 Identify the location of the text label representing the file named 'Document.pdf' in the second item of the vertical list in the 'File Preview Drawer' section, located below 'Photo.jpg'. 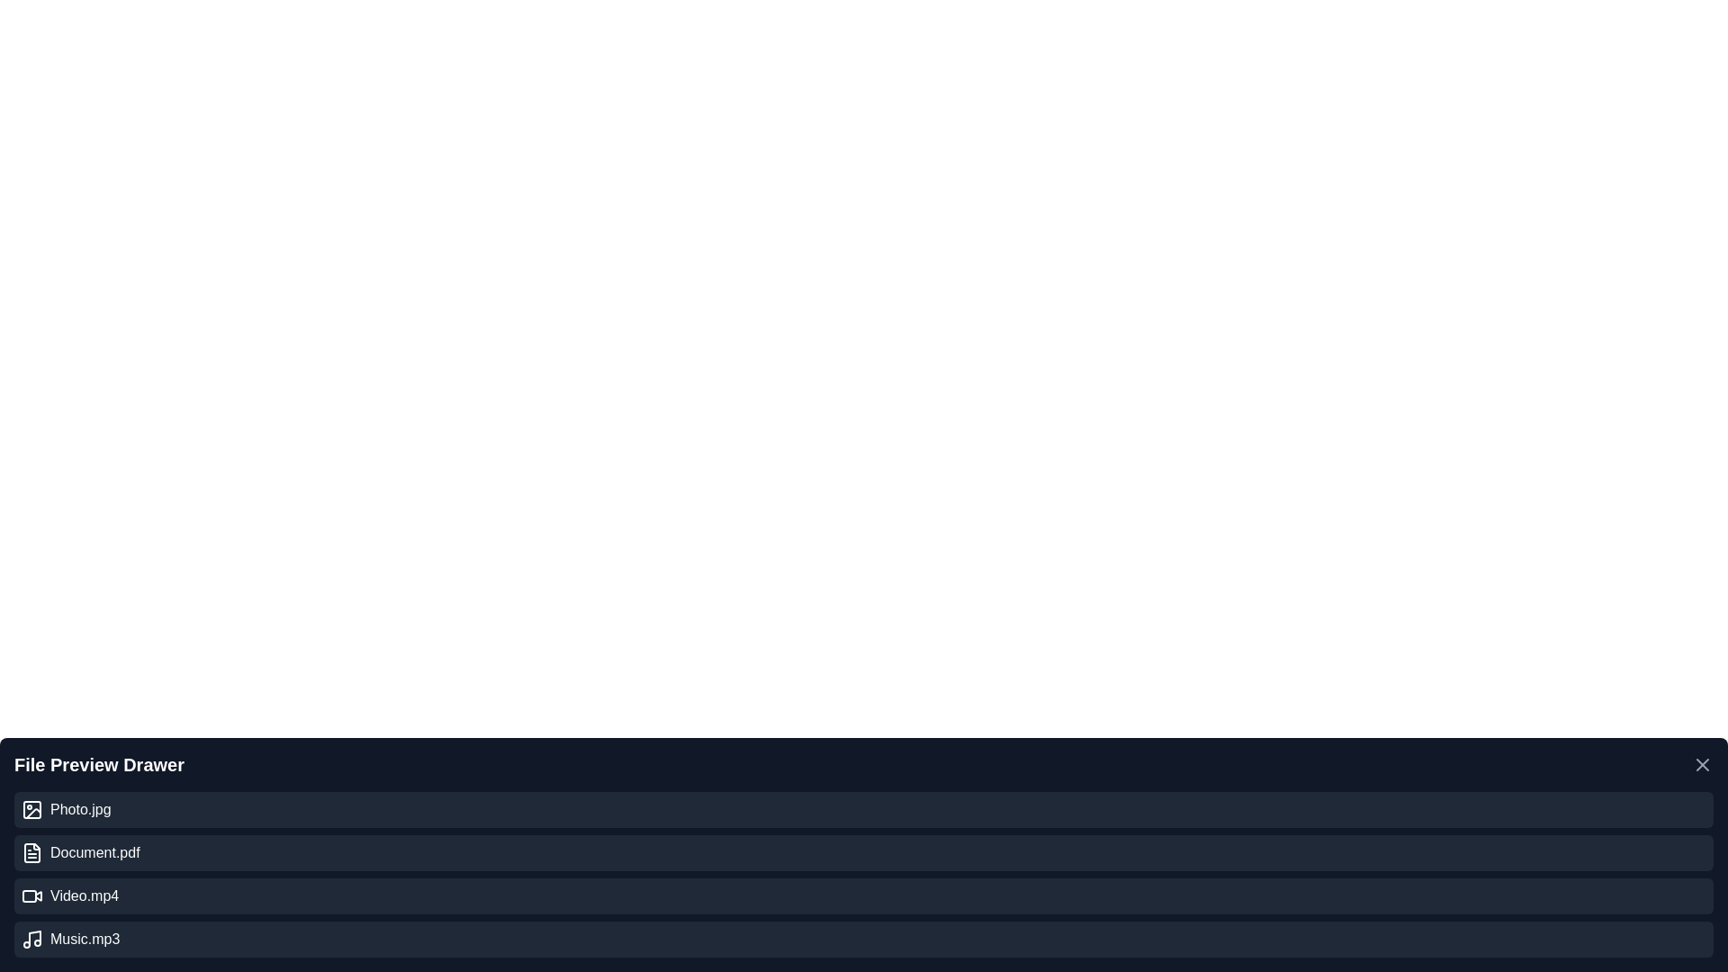
(94, 852).